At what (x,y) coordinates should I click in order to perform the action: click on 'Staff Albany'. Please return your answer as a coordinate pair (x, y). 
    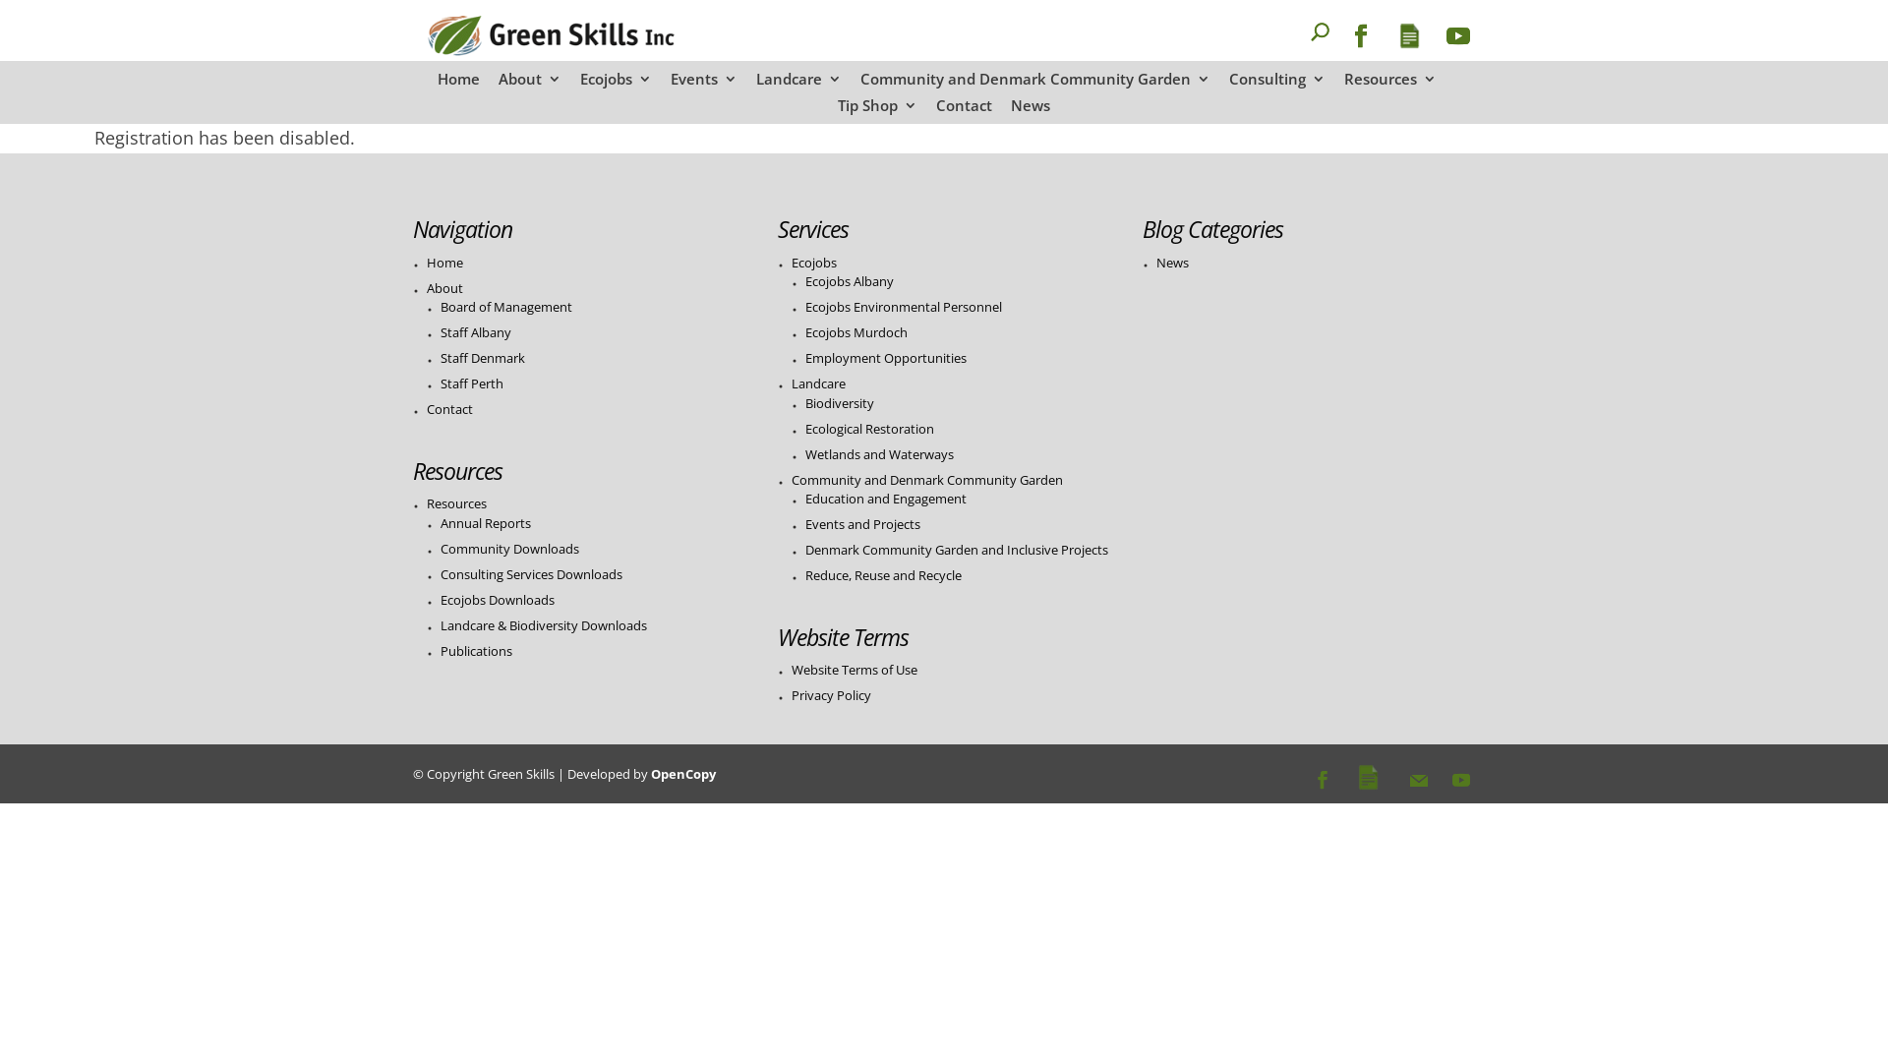
    Looking at the image, I should click on (476, 331).